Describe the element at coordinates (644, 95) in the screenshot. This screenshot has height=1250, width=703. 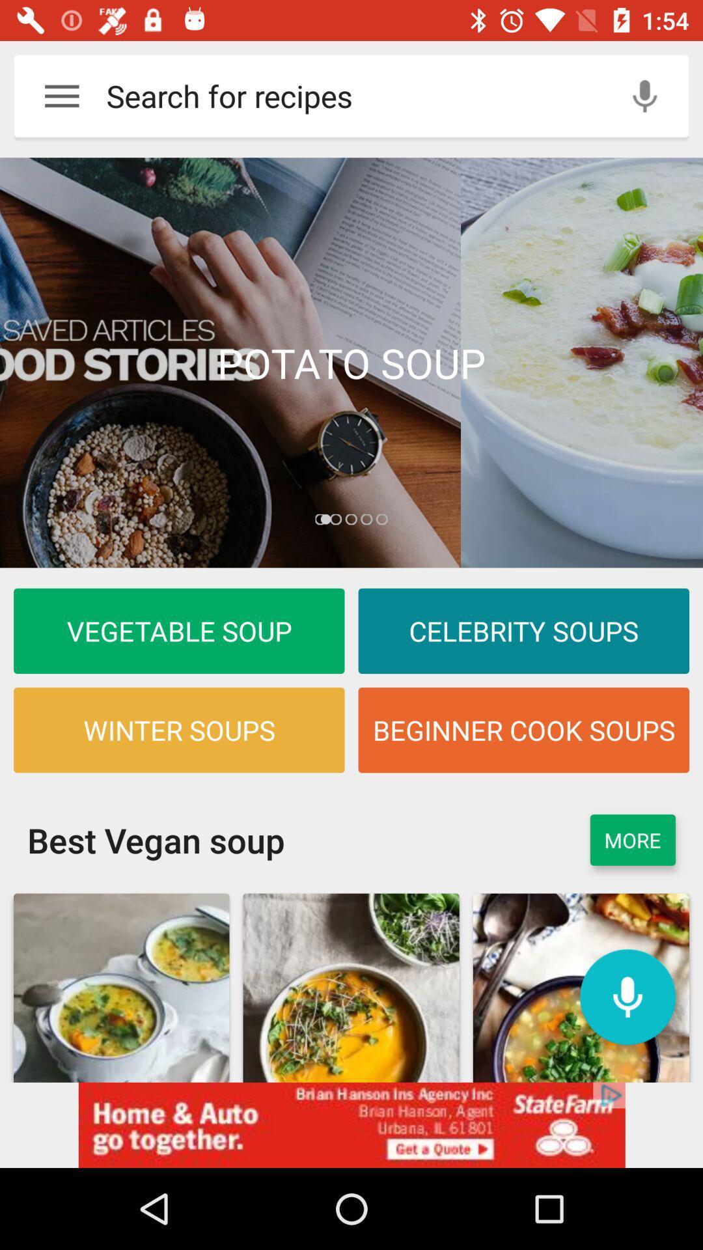
I see `the microphone icon` at that location.